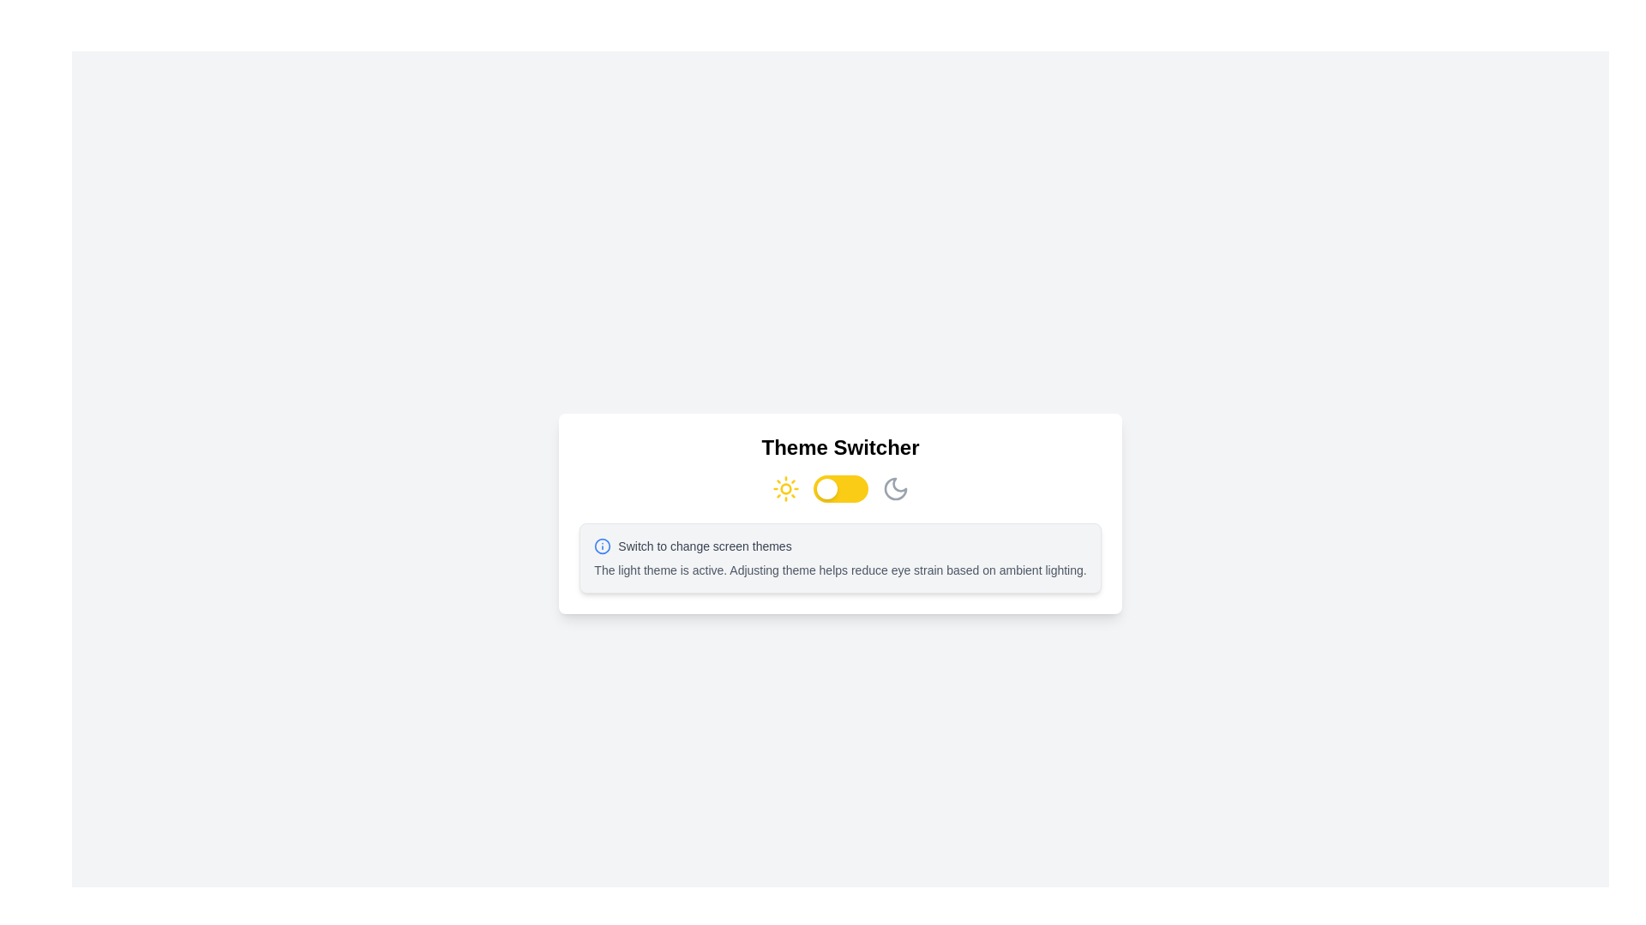  Describe the element at coordinates (705, 546) in the screenshot. I see `the informational text label that describes the purpose of the adjacent theme switcher` at that location.